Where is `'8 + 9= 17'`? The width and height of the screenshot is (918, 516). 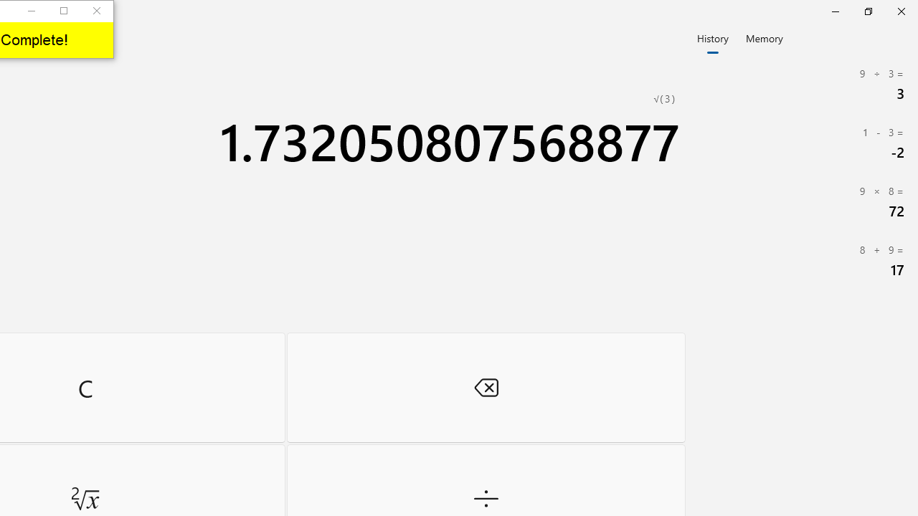
'8 + 9= 17' is located at coordinates (803, 260).